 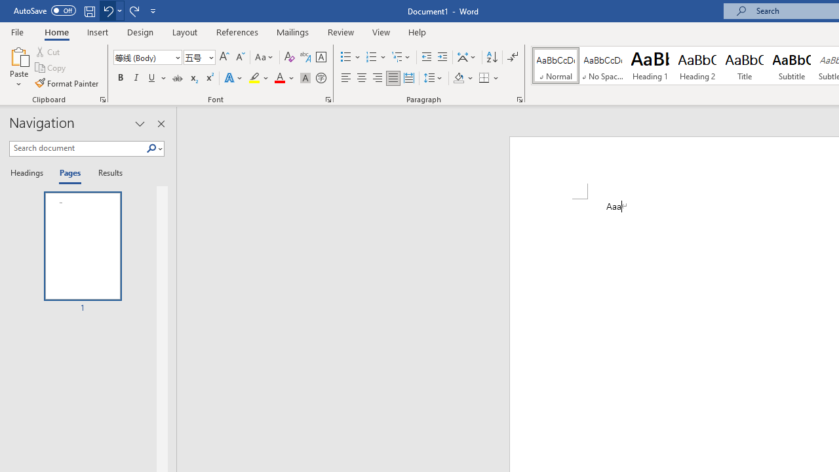 What do you see at coordinates (195, 56) in the screenshot?
I see `'Font Size'` at bounding box center [195, 56].